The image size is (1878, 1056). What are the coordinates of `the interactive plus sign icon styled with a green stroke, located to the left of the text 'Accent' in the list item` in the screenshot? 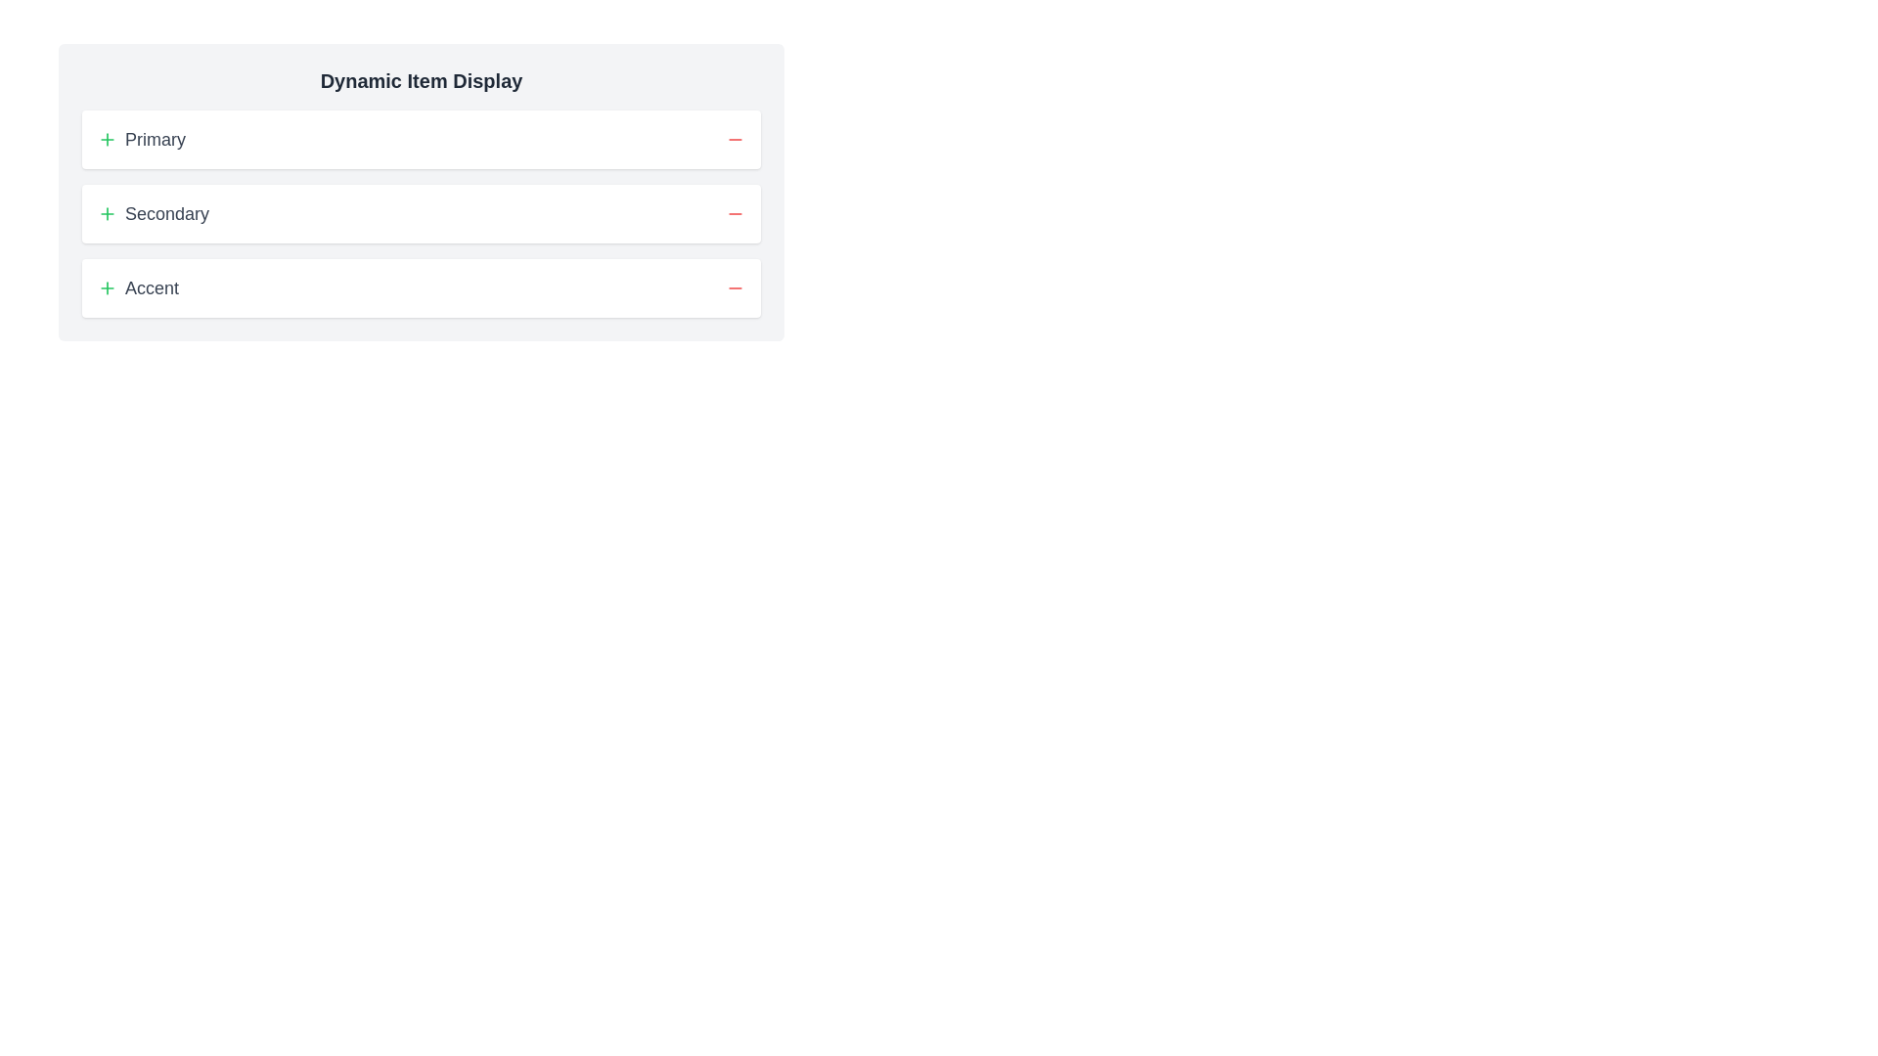 It's located at (107, 287).